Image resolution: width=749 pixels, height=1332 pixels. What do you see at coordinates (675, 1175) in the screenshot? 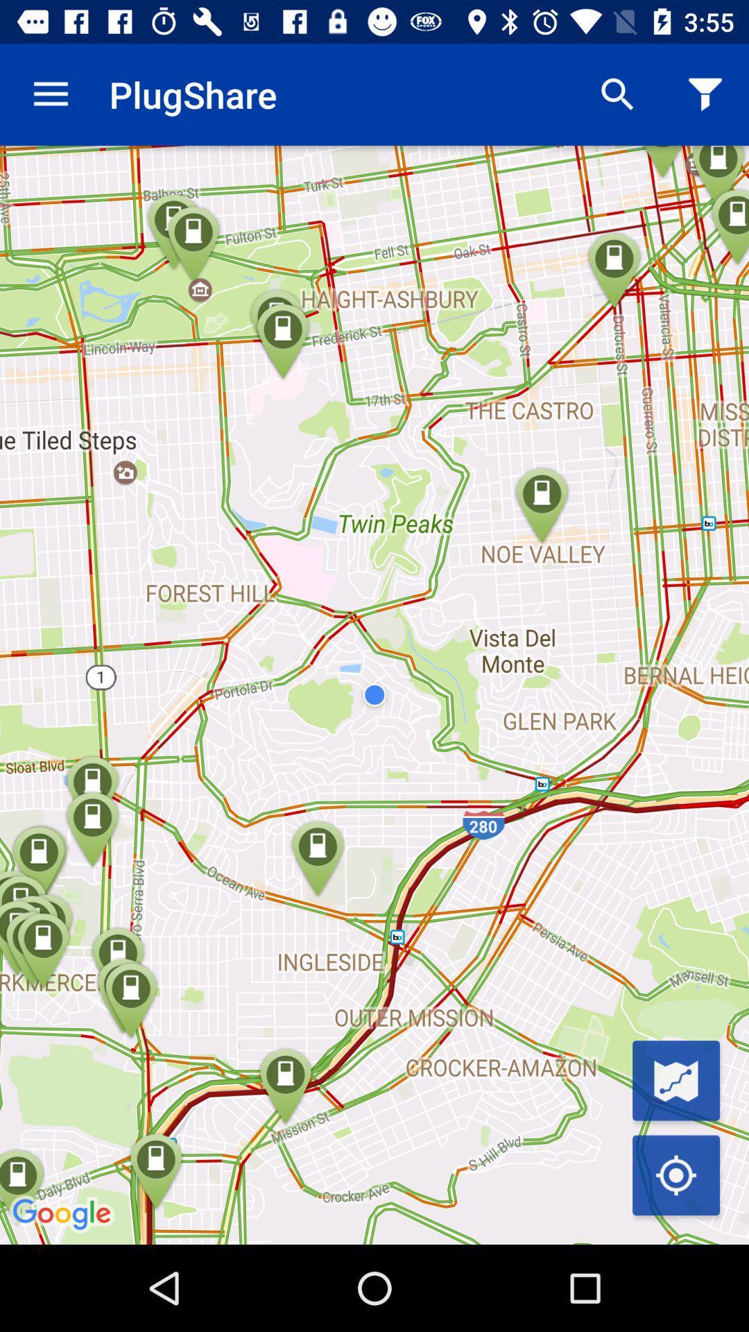
I see `track location` at bounding box center [675, 1175].